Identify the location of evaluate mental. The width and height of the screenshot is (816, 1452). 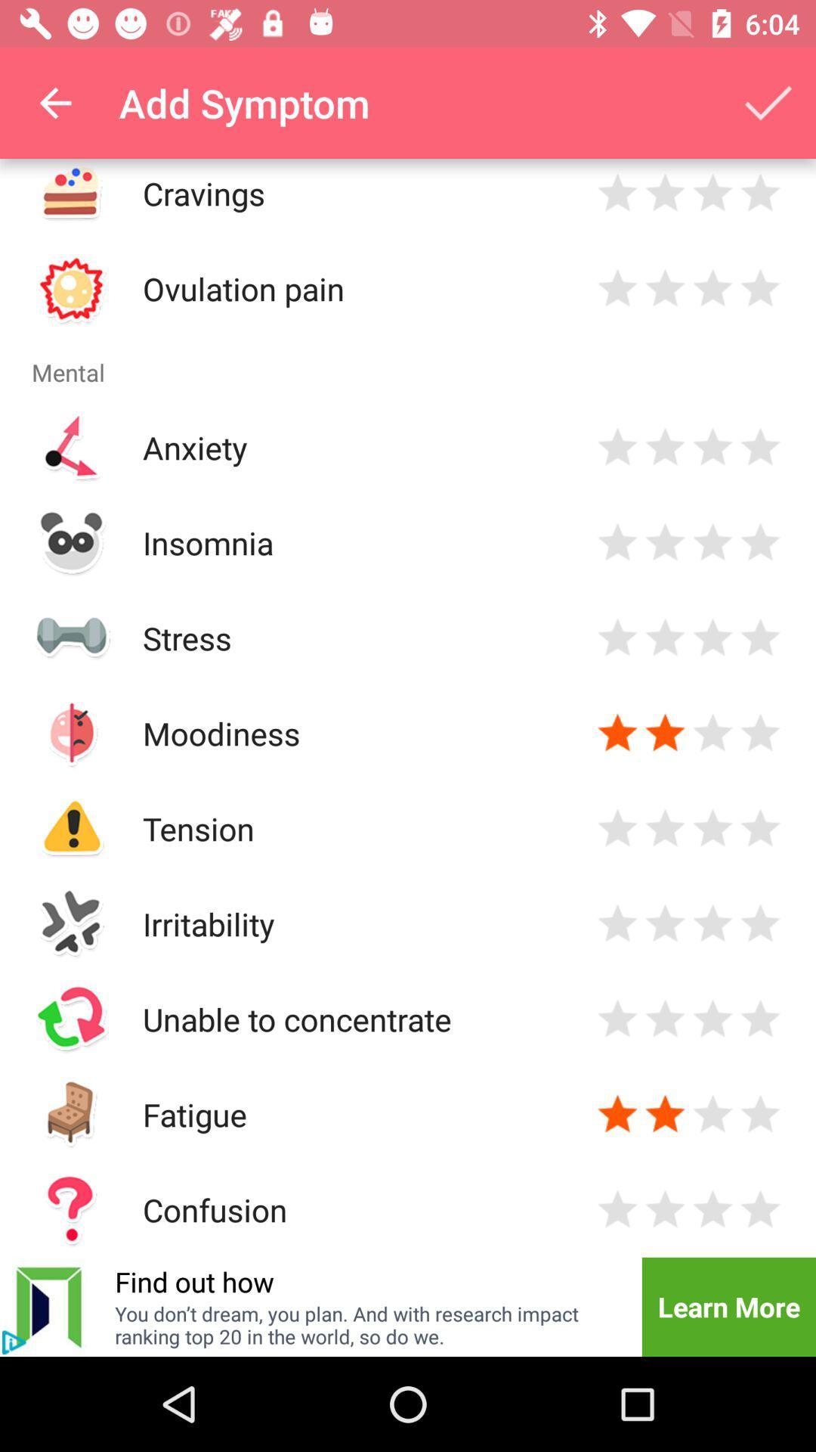
(664, 827).